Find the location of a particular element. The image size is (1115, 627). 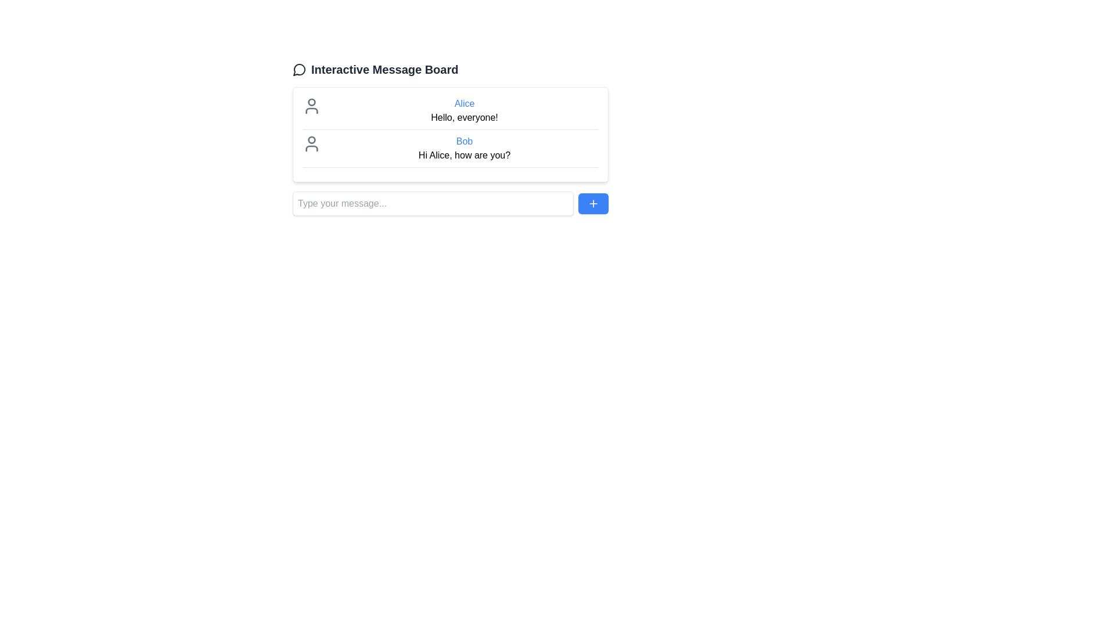

the text label displaying 'Alice' in blue color, which is located at the top of the first message block in the conversation interface is located at coordinates (465, 103).